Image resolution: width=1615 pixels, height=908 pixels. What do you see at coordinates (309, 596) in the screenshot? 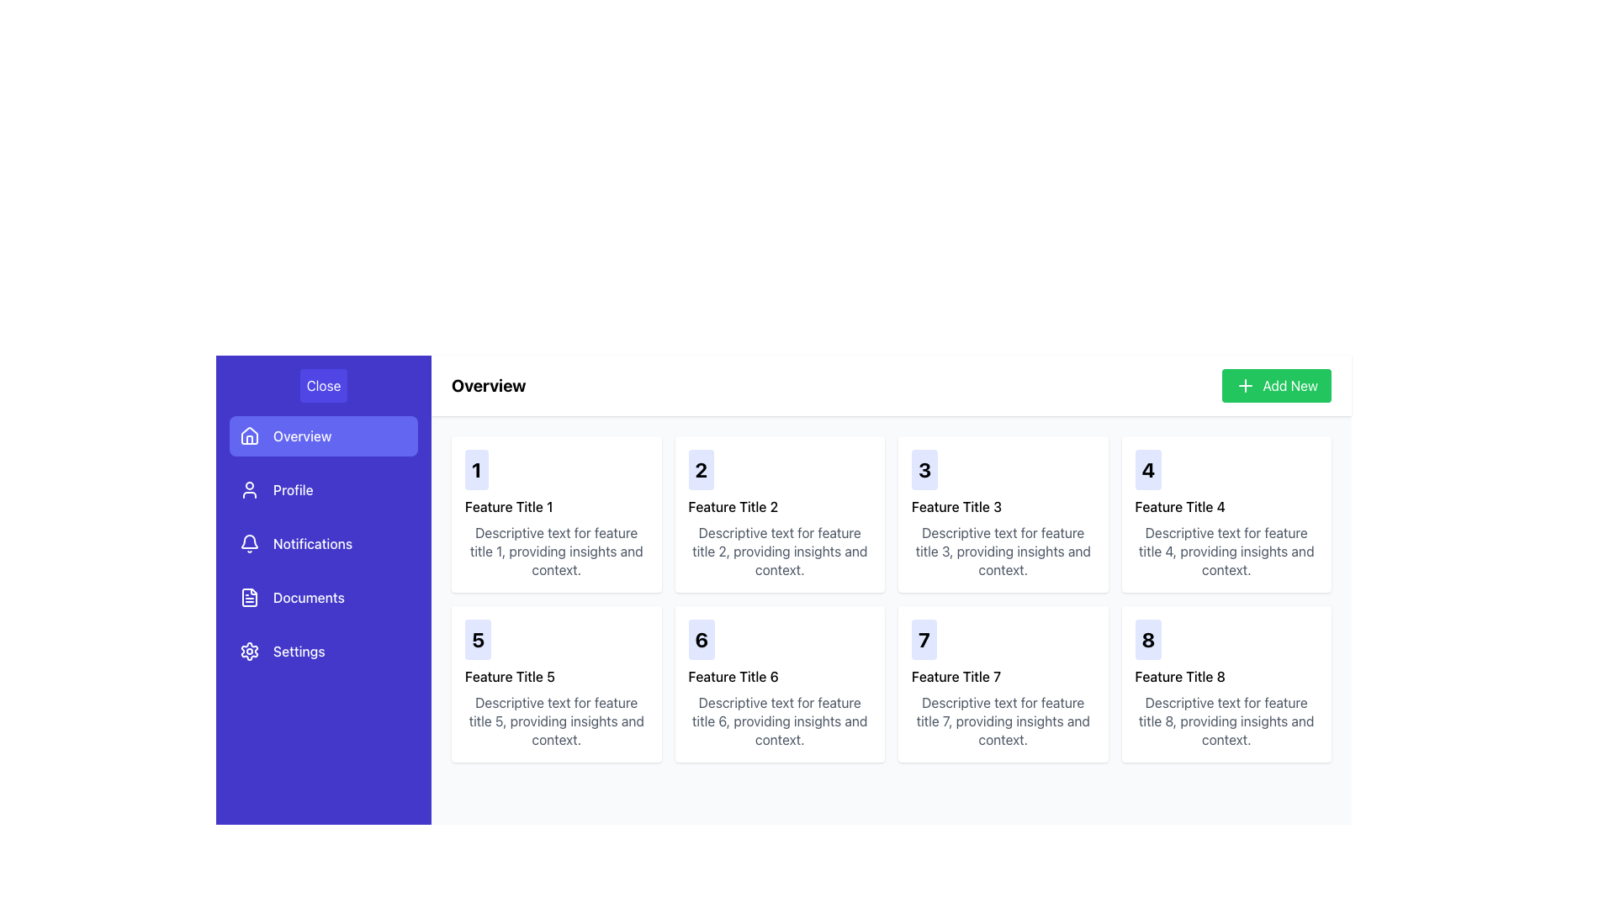
I see `the 'Documents' text label in the vertical navigation menu on the left, which is styled with a medium font weight and located between 'Notifications' and 'Settings'` at bounding box center [309, 596].